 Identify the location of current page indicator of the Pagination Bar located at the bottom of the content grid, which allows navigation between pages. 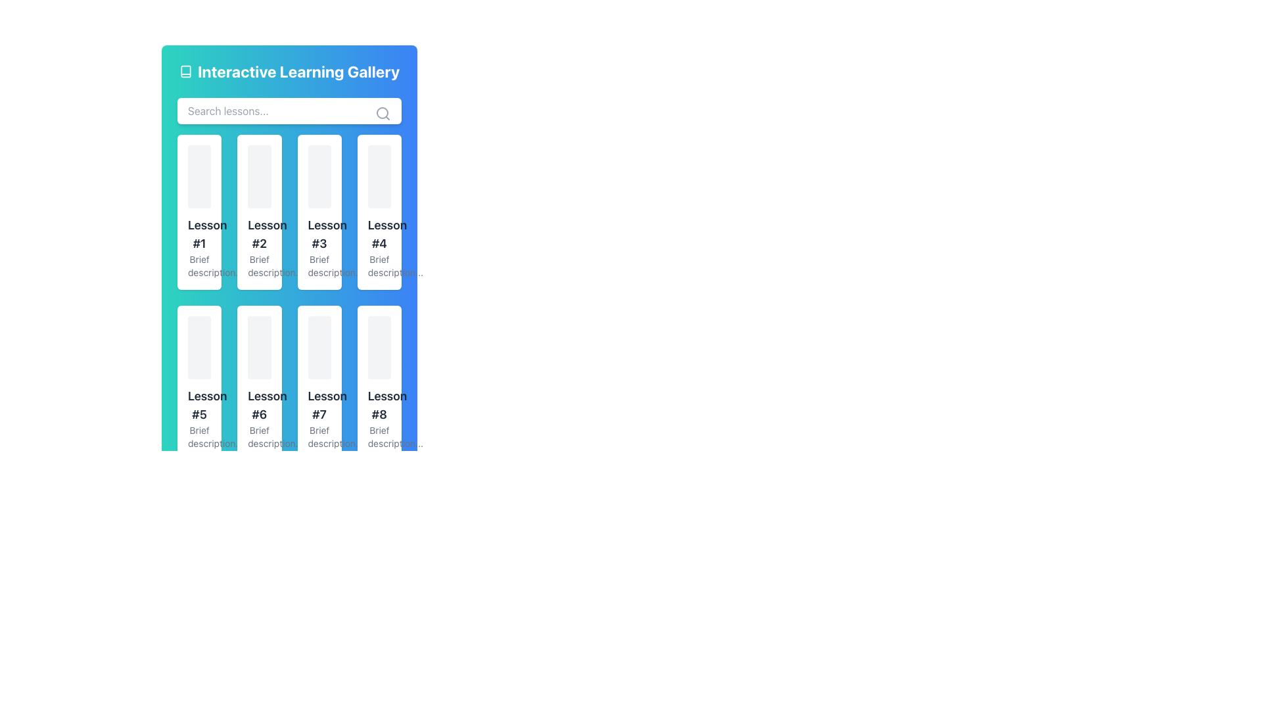
(289, 484).